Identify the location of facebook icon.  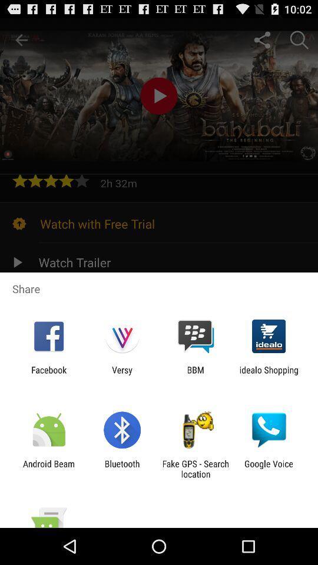
(48, 374).